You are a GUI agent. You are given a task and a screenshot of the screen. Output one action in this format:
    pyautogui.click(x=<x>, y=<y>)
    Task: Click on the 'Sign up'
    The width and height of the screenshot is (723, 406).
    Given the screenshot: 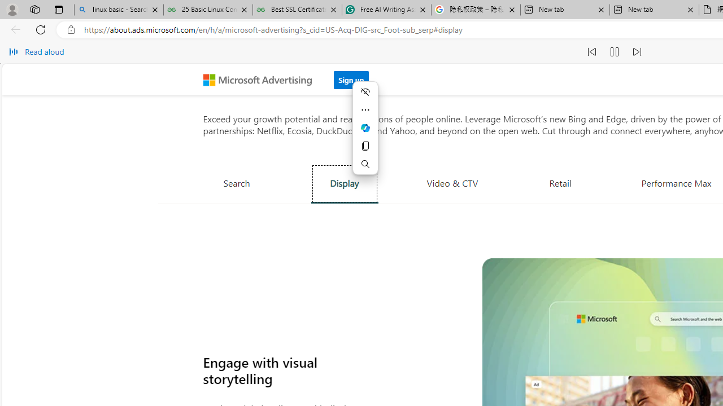 What is the action you would take?
    pyautogui.click(x=351, y=79)
    